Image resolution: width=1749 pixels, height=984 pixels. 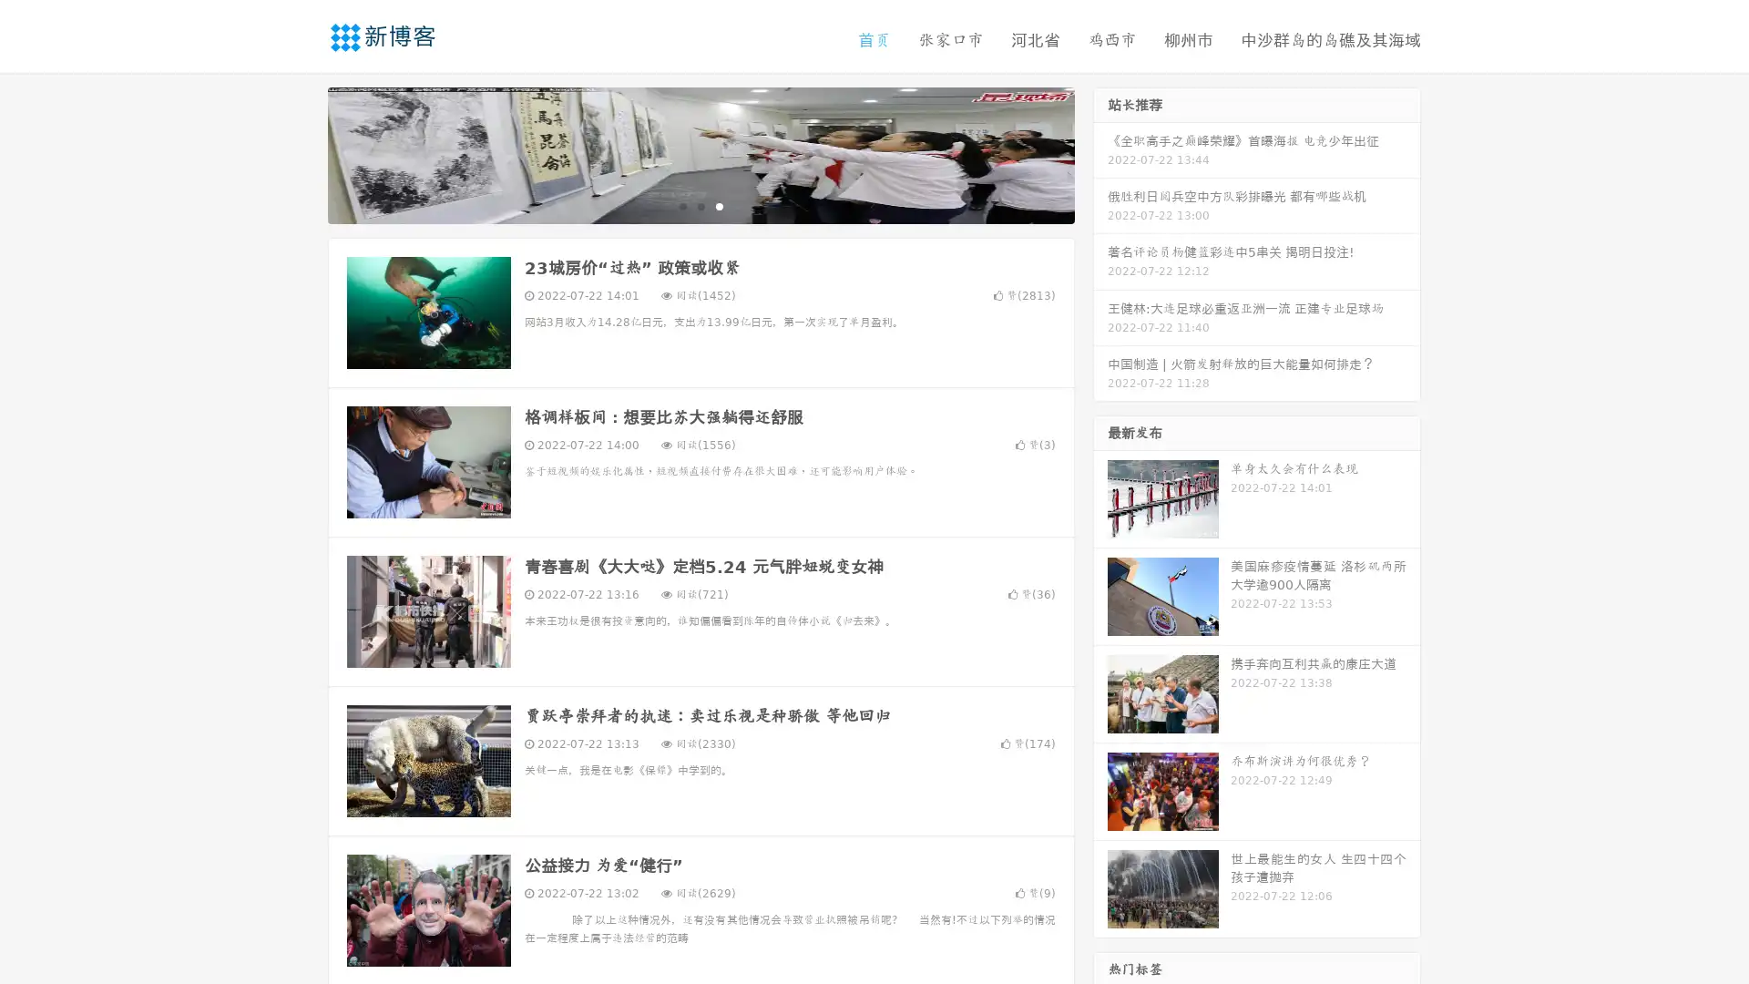 What do you see at coordinates (301, 153) in the screenshot?
I see `Previous slide` at bounding box center [301, 153].